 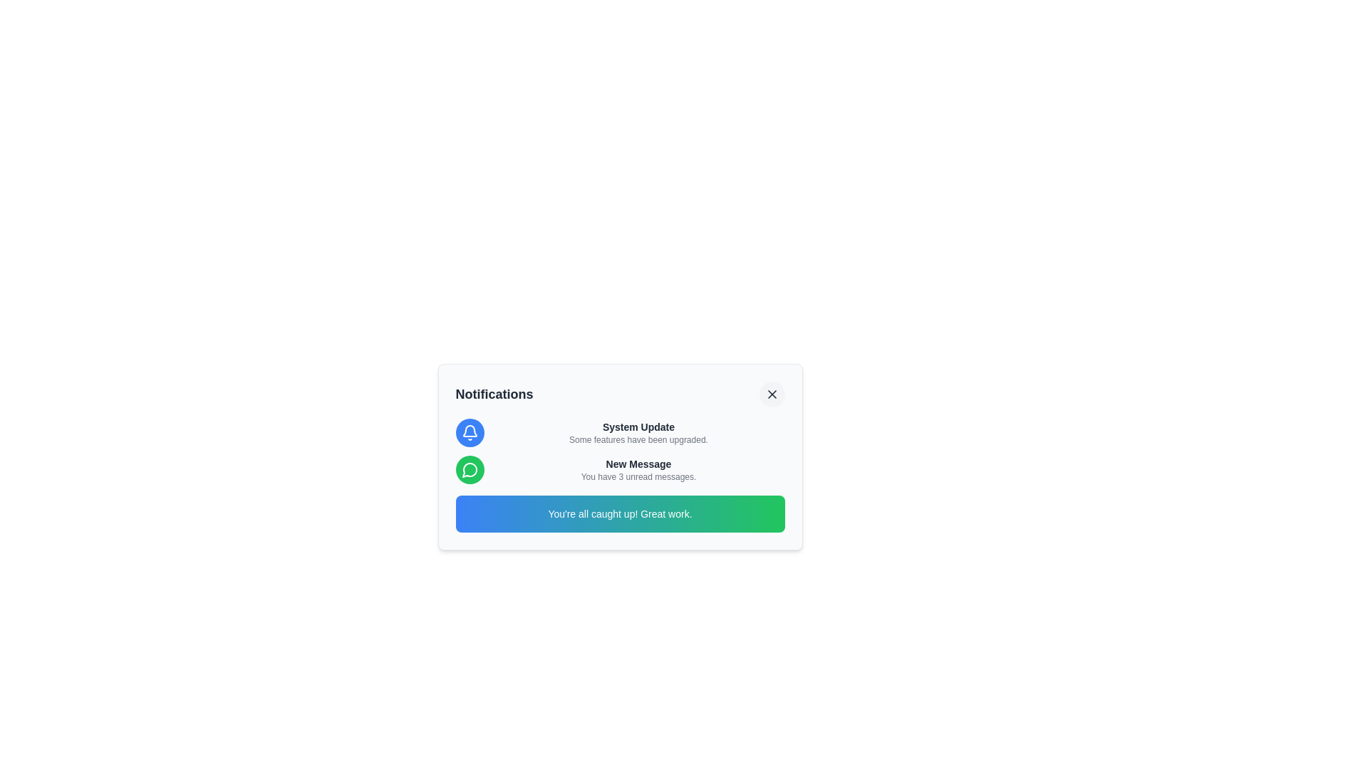 I want to click on the text label reading 'New Message' in the second notification of the notifications popup, which is styled with a smaller font size, bold weight, and dark gray color, so click(x=638, y=464).